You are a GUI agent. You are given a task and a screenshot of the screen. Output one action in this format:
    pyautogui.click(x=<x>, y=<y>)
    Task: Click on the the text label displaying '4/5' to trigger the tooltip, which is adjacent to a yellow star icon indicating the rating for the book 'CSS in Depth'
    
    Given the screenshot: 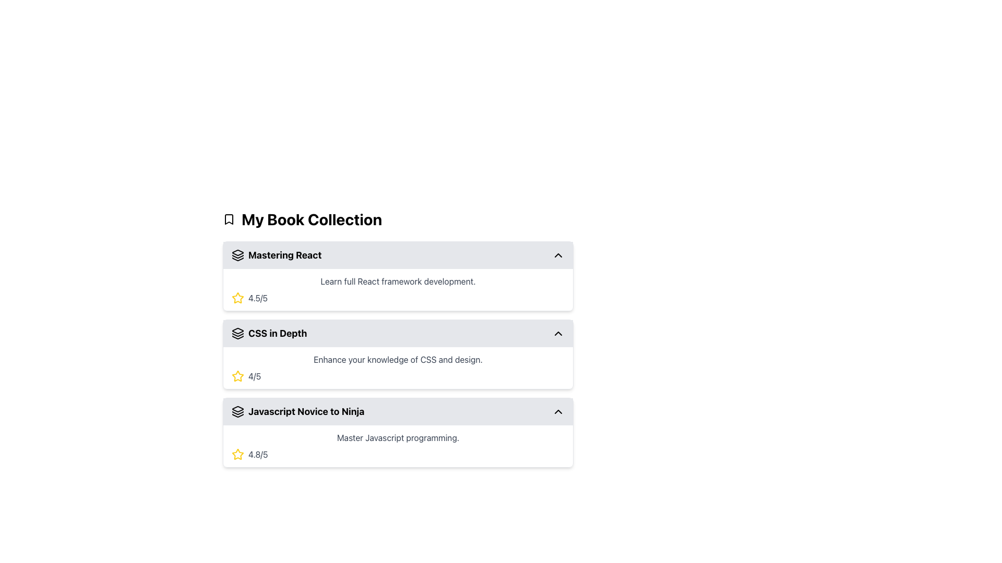 What is the action you would take?
    pyautogui.click(x=255, y=376)
    